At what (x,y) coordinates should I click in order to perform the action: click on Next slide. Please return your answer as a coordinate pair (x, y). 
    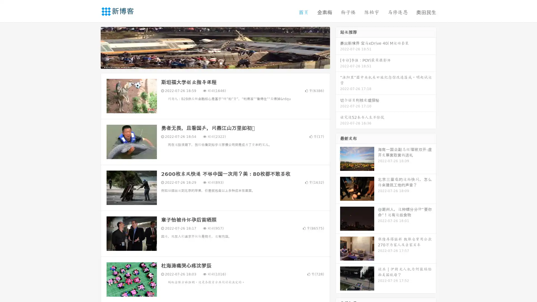
    Looking at the image, I should click on (338, 47).